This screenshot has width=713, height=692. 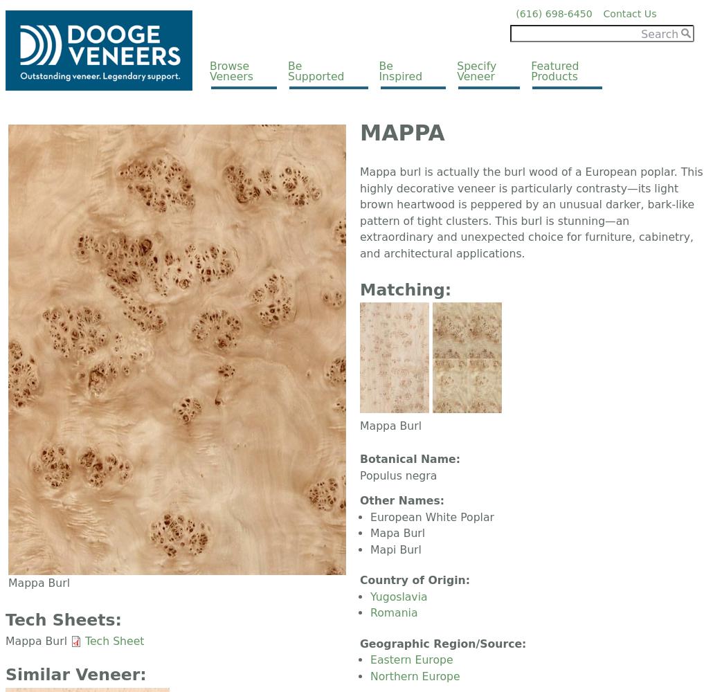 I want to click on 'MAPPA', so click(x=402, y=132).